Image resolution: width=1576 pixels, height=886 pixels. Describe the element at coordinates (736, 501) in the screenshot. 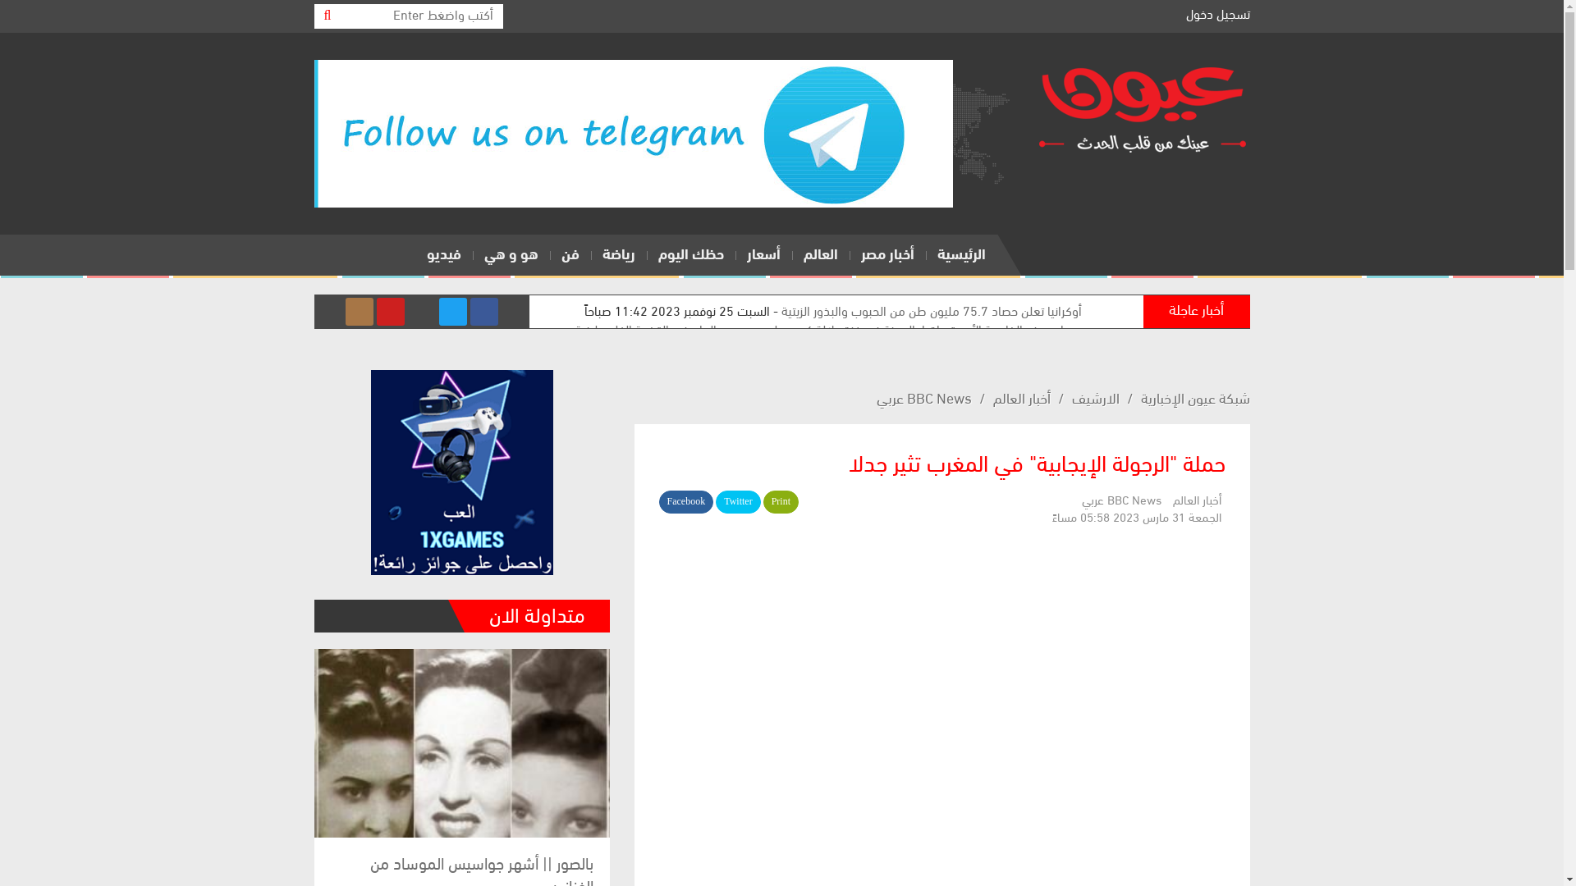

I see `'Twitter'` at that location.